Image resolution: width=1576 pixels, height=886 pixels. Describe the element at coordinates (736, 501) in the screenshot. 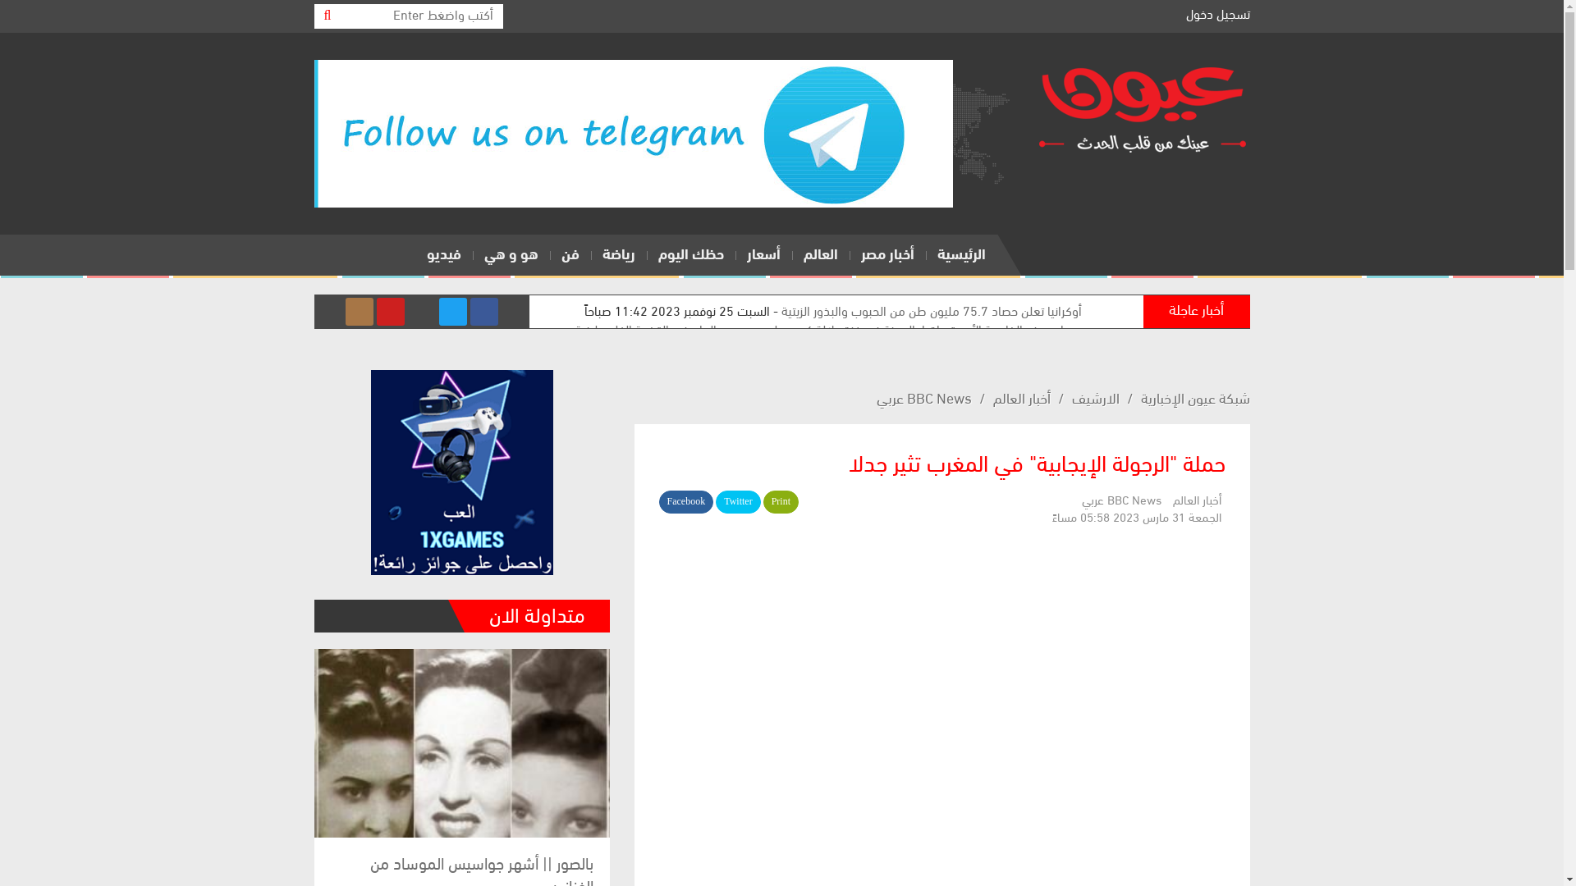

I see `'Twitter'` at that location.